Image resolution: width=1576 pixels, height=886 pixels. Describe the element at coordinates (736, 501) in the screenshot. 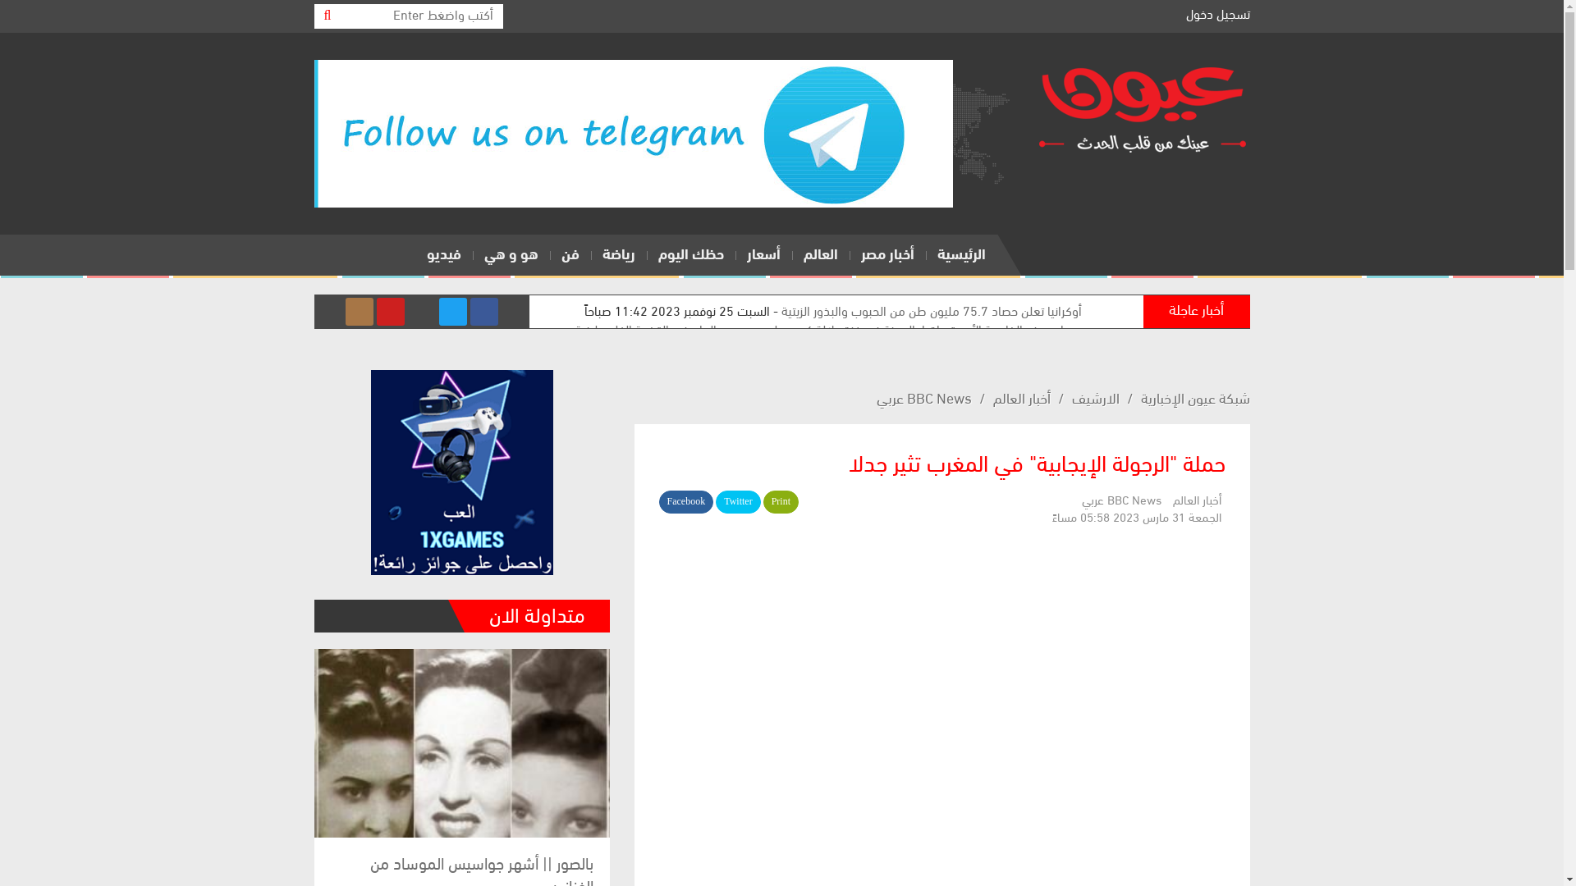

I see `'Twitter'` at that location.